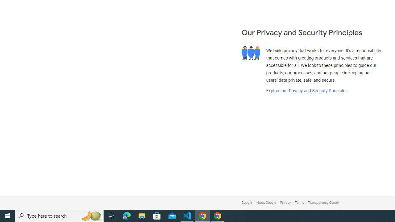 The image size is (395, 222). I want to click on 'About Google', so click(266, 203).